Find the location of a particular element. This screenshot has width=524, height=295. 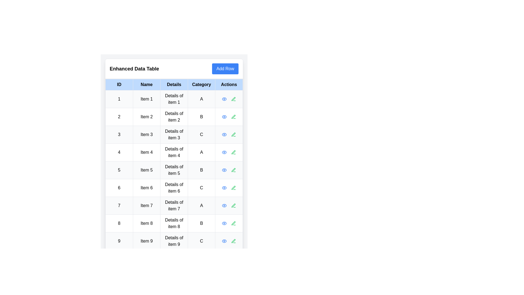

the 'ID' text label in the first cell of the seventh row corresponding to 'Item 7' in the structured data table is located at coordinates (119, 205).